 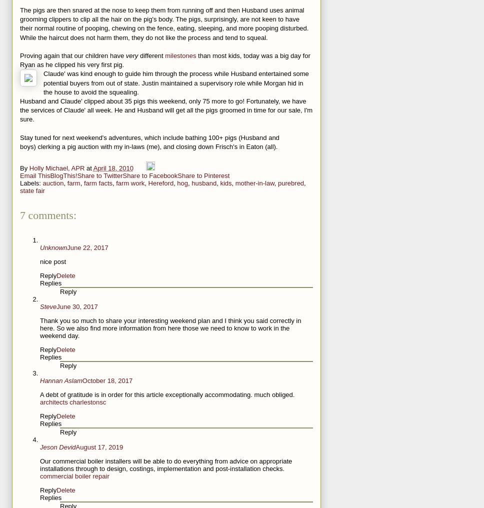 What do you see at coordinates (99, 446) in the screenshot?
I see `'August 17, 2019'` at bounding box center [99, 446].